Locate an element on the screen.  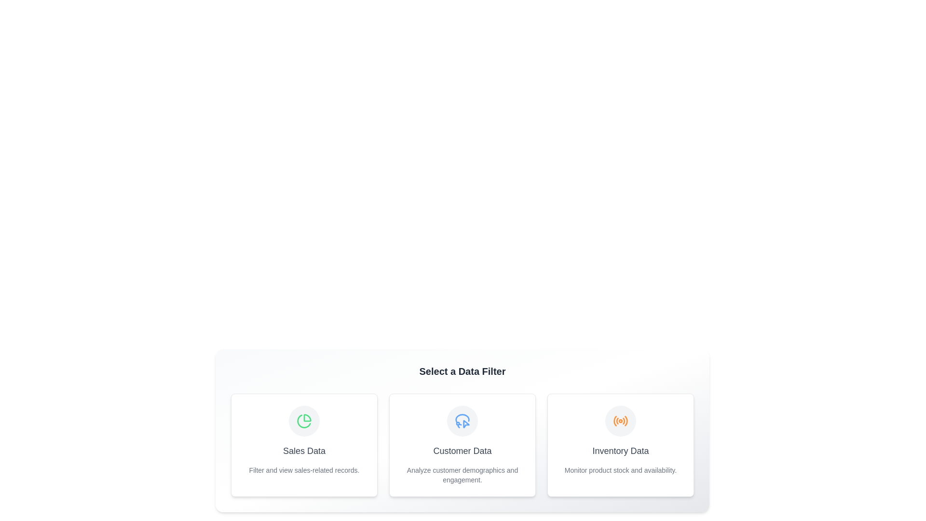
the inventory data indicator icon located at the top-center of the 'Inventory Data' card is located at coordinates (620, 420).